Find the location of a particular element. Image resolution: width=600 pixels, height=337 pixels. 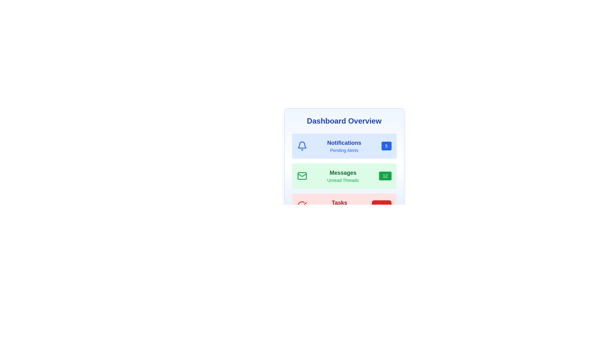

the completion icon located at the left end of the Tasks section, which visually pairs with the section's title is located at coordinates (302, 206).